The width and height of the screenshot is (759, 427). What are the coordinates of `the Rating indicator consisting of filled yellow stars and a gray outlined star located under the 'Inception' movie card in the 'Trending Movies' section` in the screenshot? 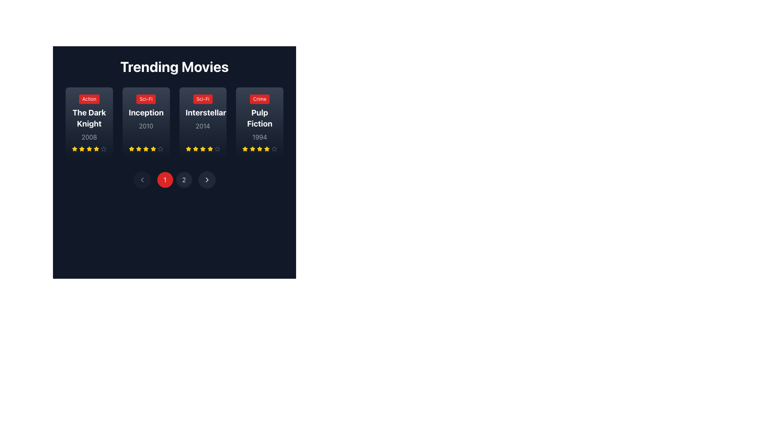 It's located at (146, 149).